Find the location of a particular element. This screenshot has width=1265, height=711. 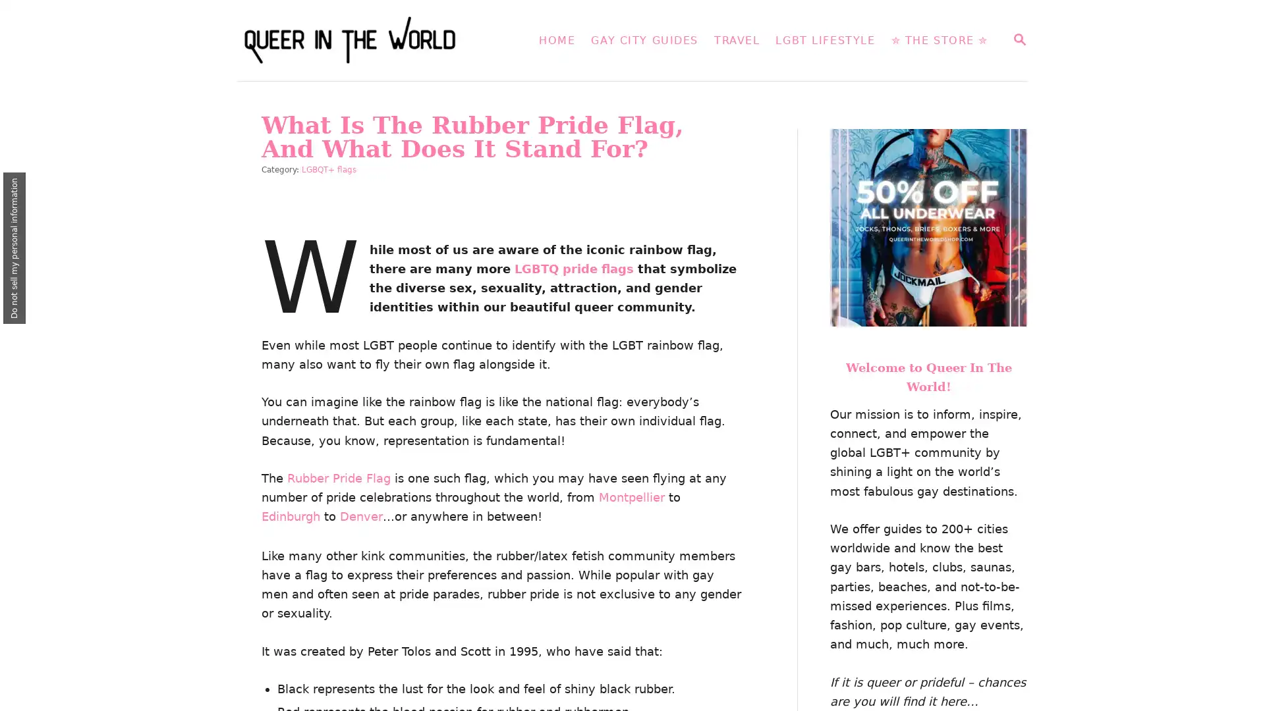

Bookmark Page is located at coordinates (1239, 639).